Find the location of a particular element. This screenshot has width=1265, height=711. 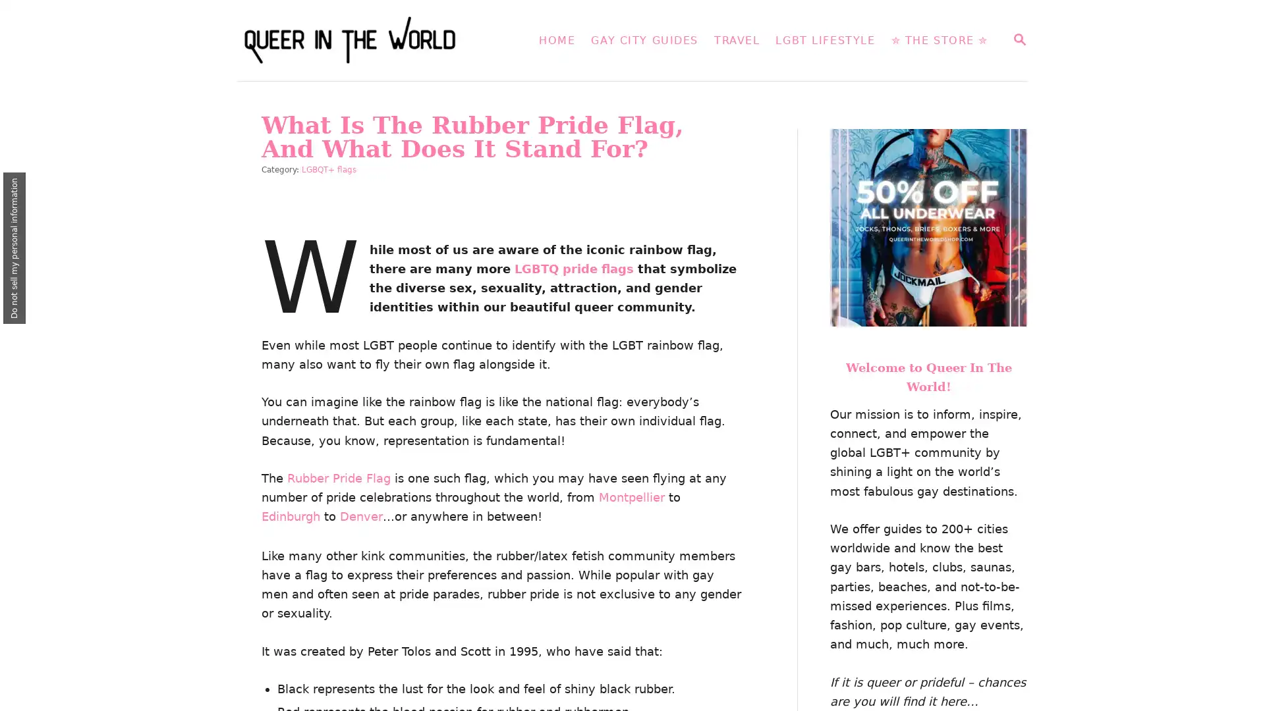

Bookmark Page is located at coordinates (1239, 639).